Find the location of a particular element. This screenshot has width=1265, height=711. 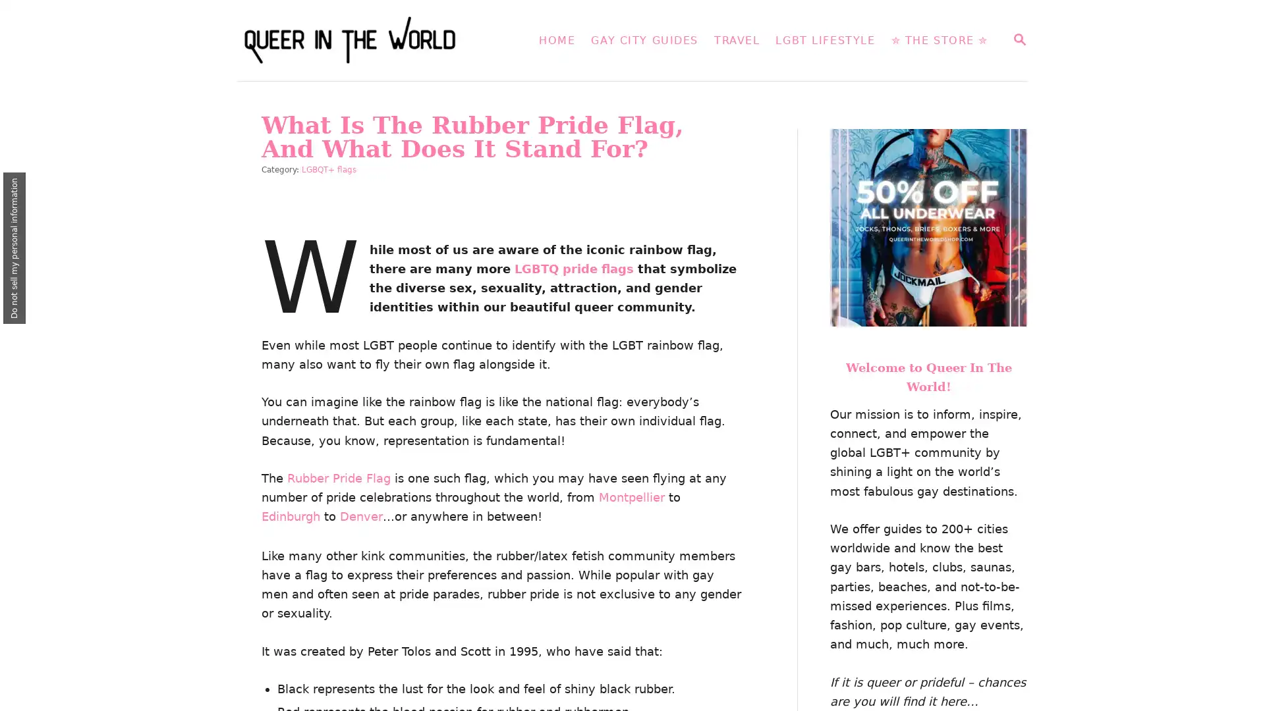

Bookmark Page is located at coordinates (1239, 639).